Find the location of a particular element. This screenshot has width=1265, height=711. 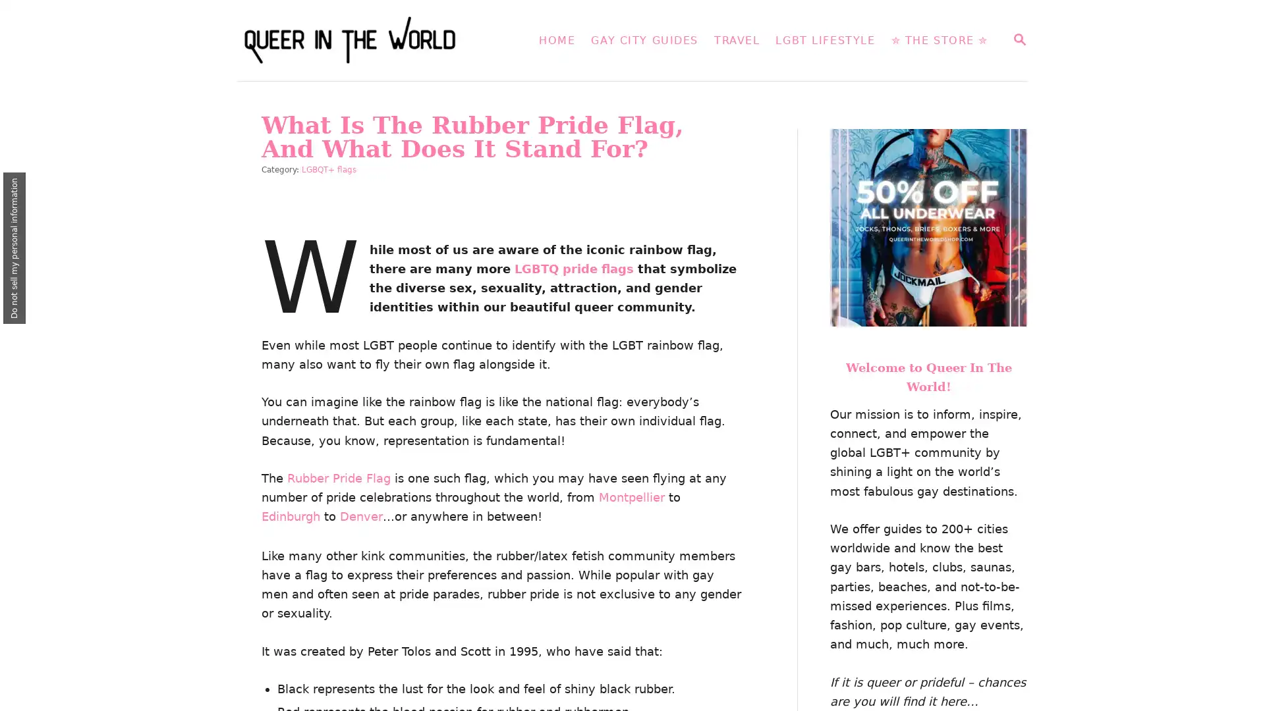

Bookmark Page is located at coordinates (1239, 639).